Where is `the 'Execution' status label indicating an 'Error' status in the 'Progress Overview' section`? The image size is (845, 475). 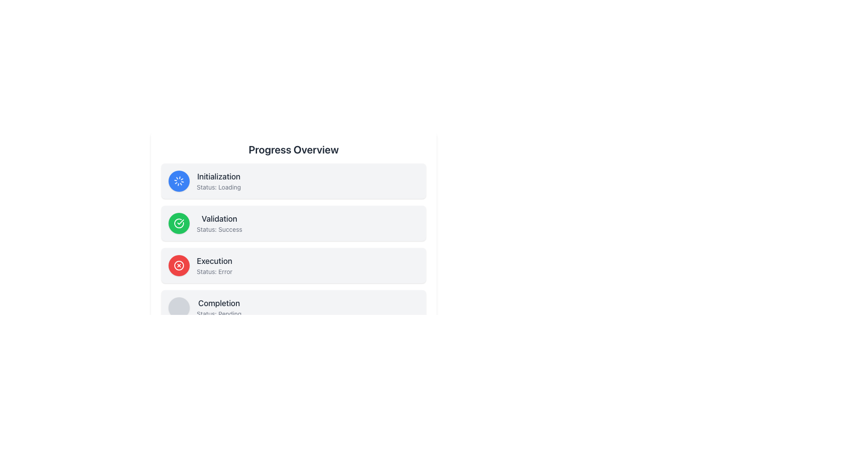 the 'Execution' status label indicating an 'Error' status in the 'Progress Overview' section is located at coordinates (214, 265).